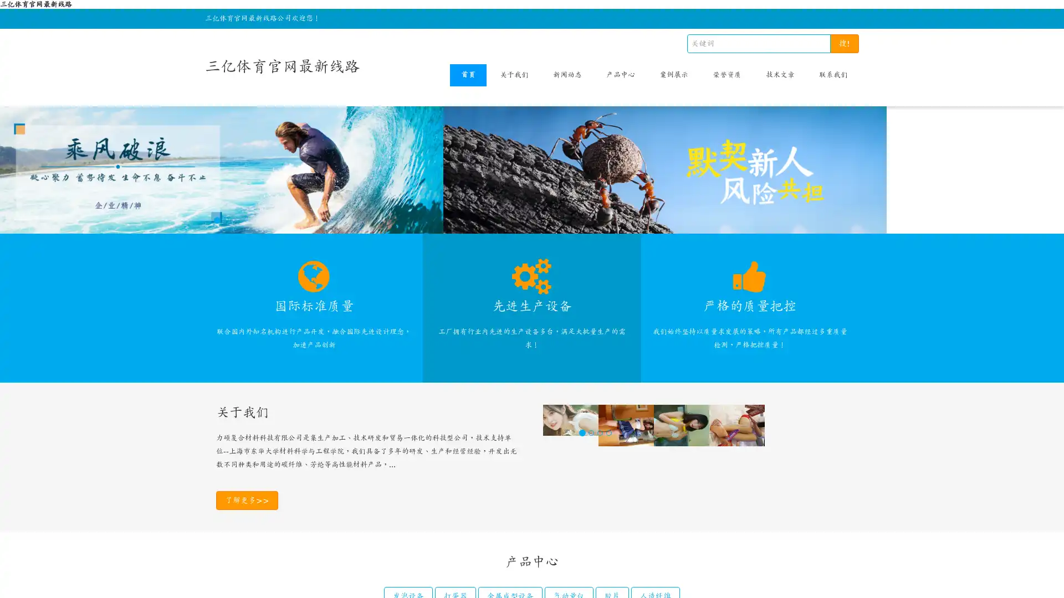 Image resolution: width=1064 pixels, height=598 pixels. I want to click on !, so click(844, 43).